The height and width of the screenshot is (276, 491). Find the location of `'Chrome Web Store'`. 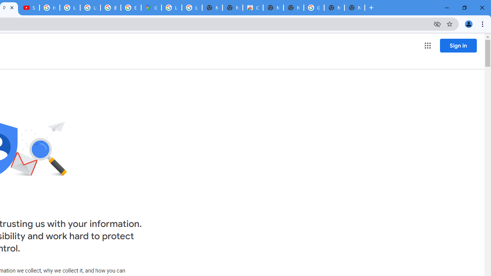

'Chrome Web Store' is located at coordinates (253, 8).